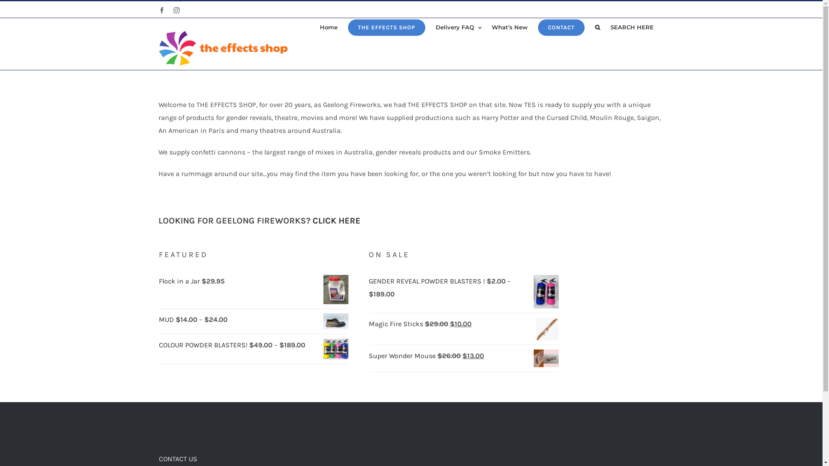 This screenshot has width=829, height=466. Describe the element at coordinates (177, 458) in the screenshot. I see `'CONTACT US'` at that location.